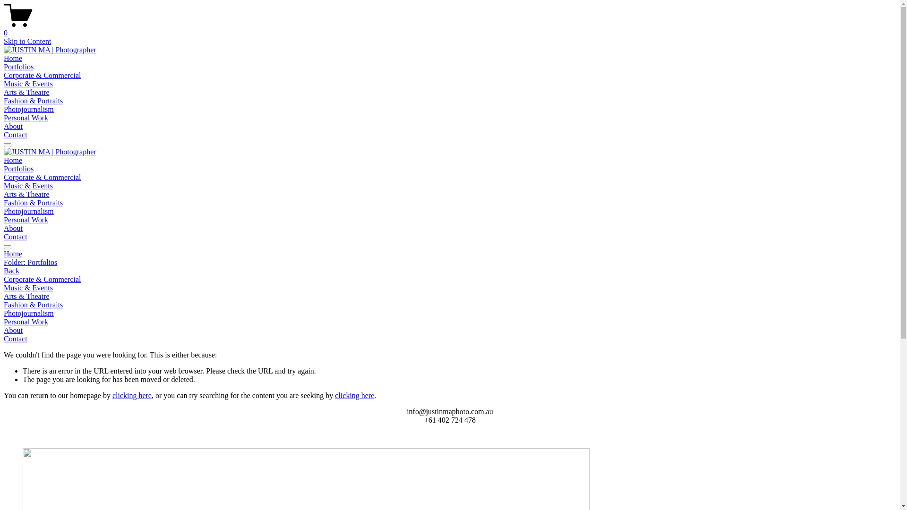  What do you see at coordinates (449, 279) in the screenshot?
I see `'Corporate & Commercial'` at bounding box center [449, 279].